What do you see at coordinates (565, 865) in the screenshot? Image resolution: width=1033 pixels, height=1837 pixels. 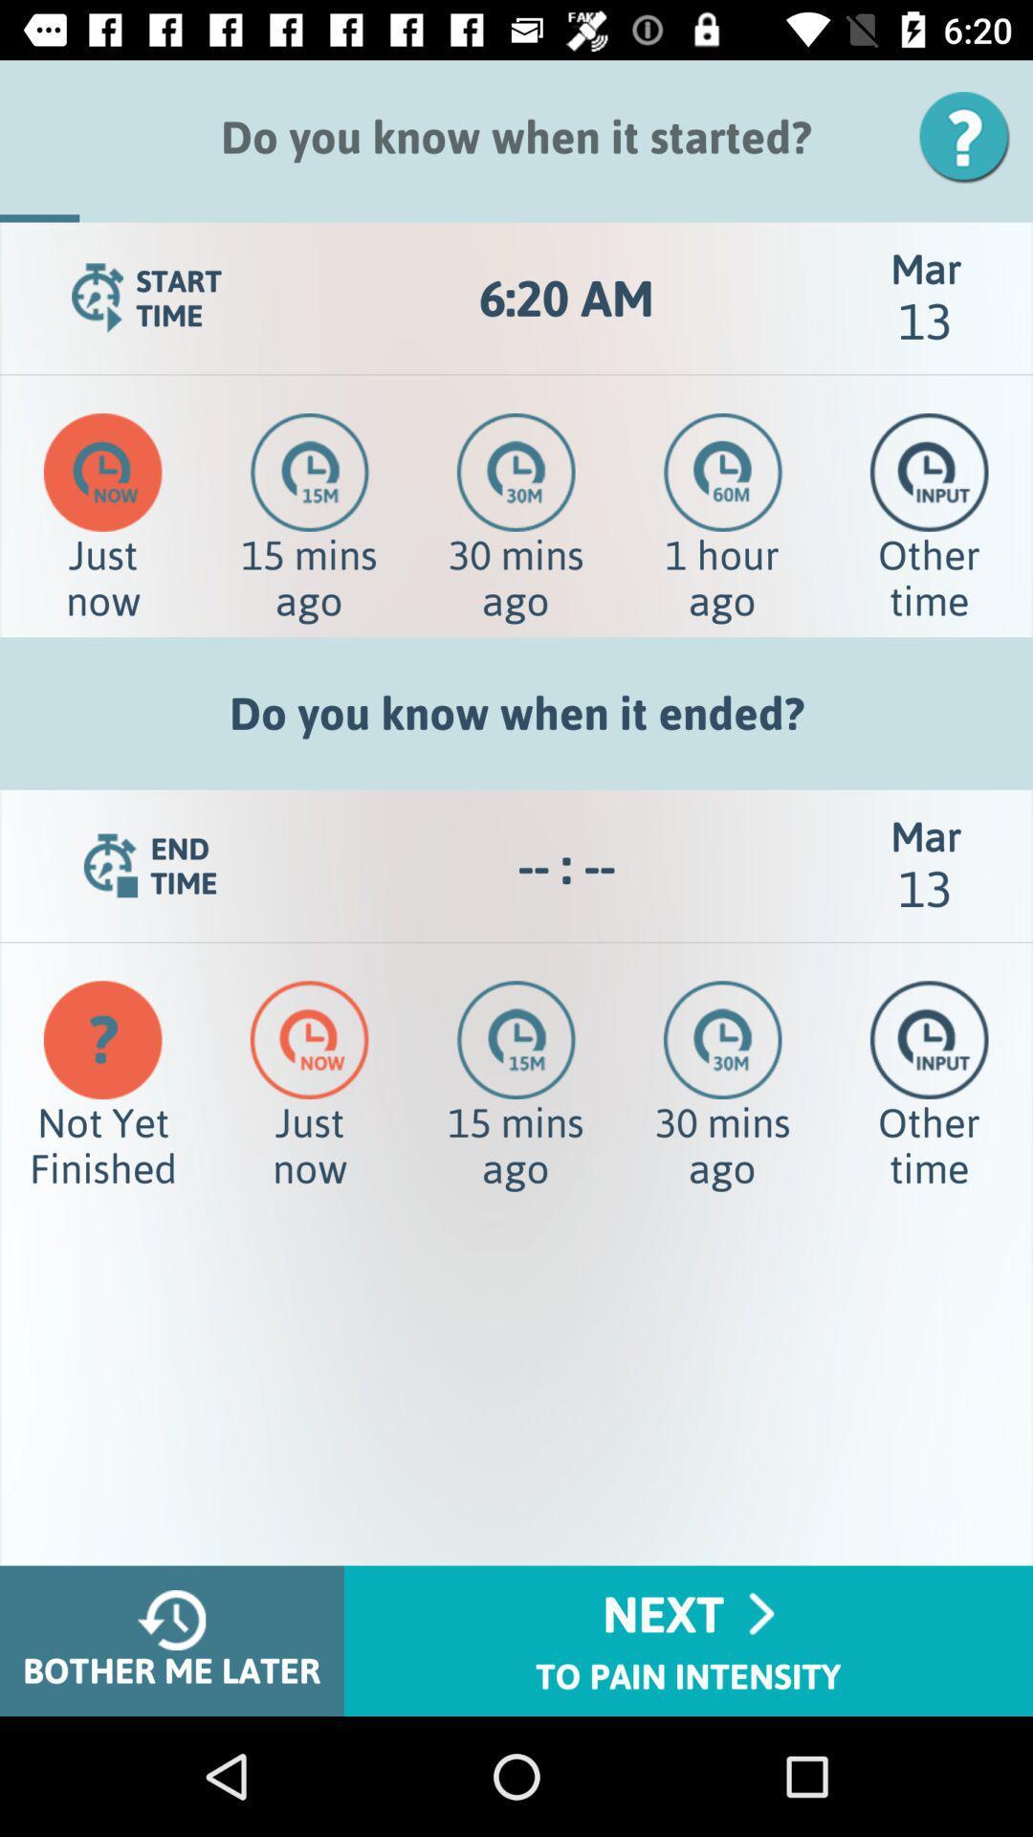 I see `the icon to the left of mar` at bounding box center [565, 865].